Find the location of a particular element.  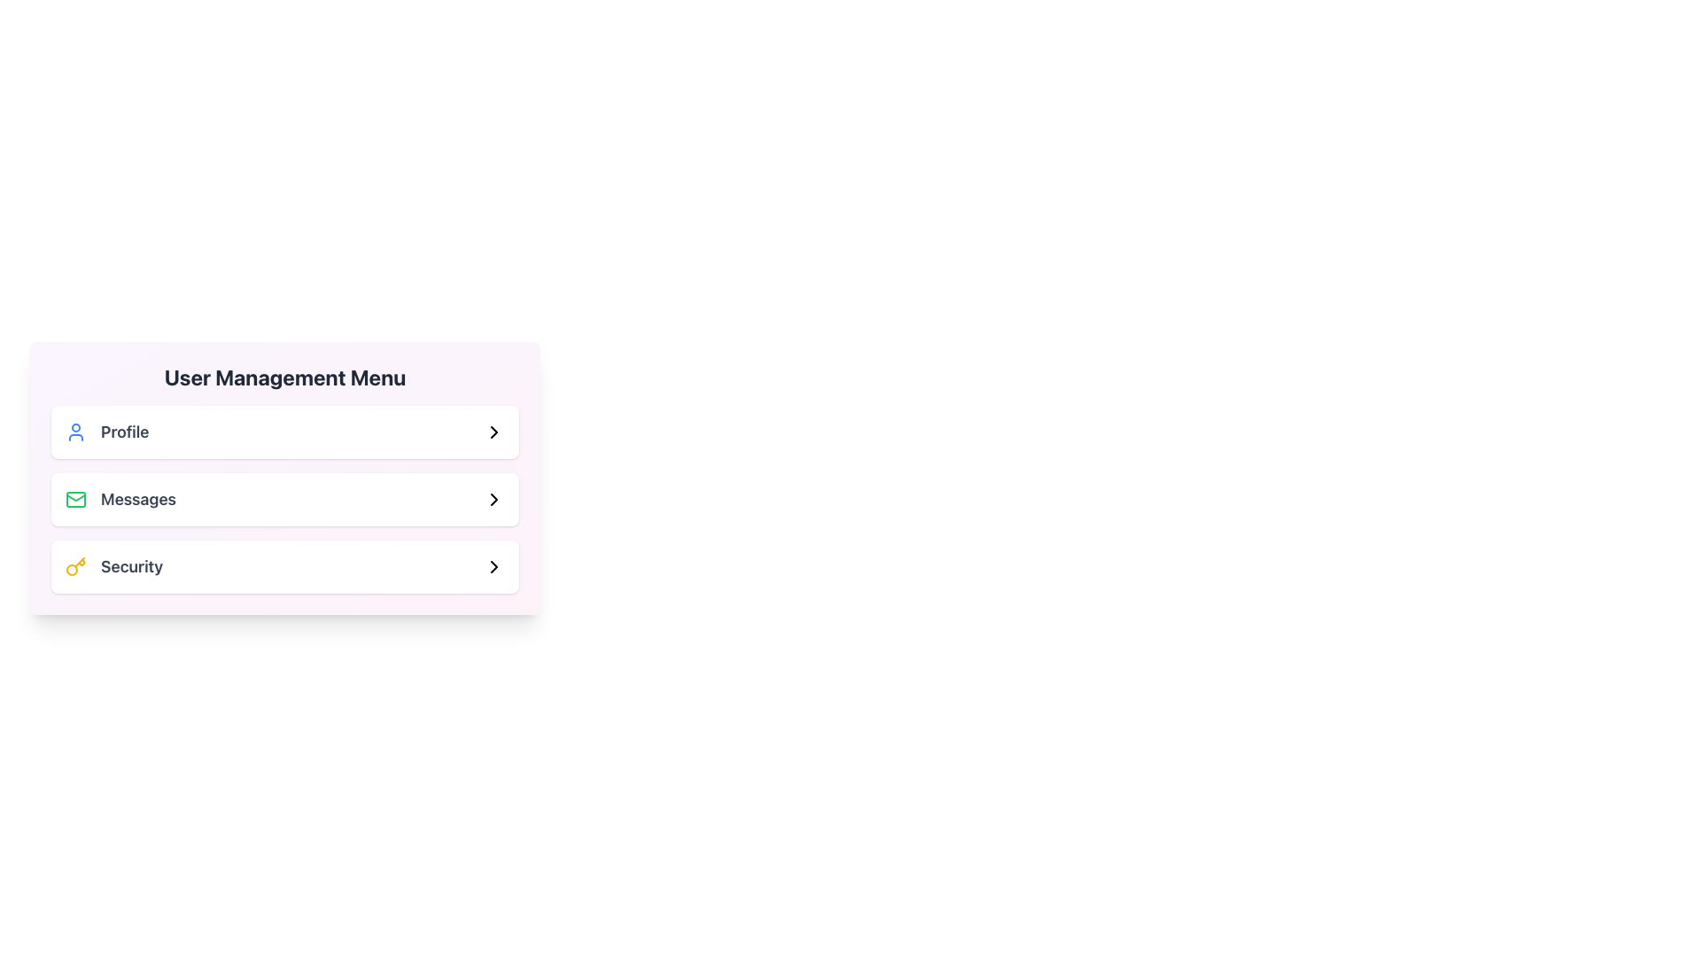

the 'Profile' menu item is located at coordinates (106, 432).